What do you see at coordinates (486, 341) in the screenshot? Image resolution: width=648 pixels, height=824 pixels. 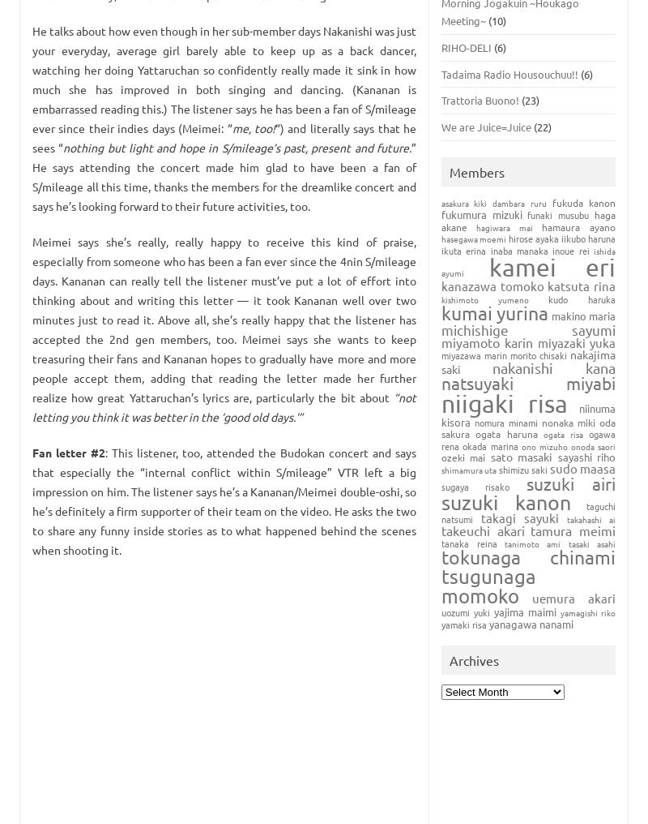 I see `'Miyamoto Karin'` at bounding box center [486, 341].